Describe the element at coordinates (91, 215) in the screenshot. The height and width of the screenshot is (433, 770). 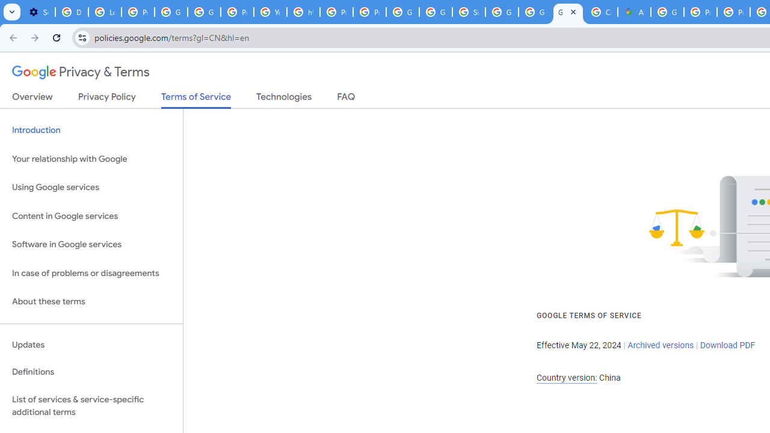
I see `'Content in Google services'` at that location.